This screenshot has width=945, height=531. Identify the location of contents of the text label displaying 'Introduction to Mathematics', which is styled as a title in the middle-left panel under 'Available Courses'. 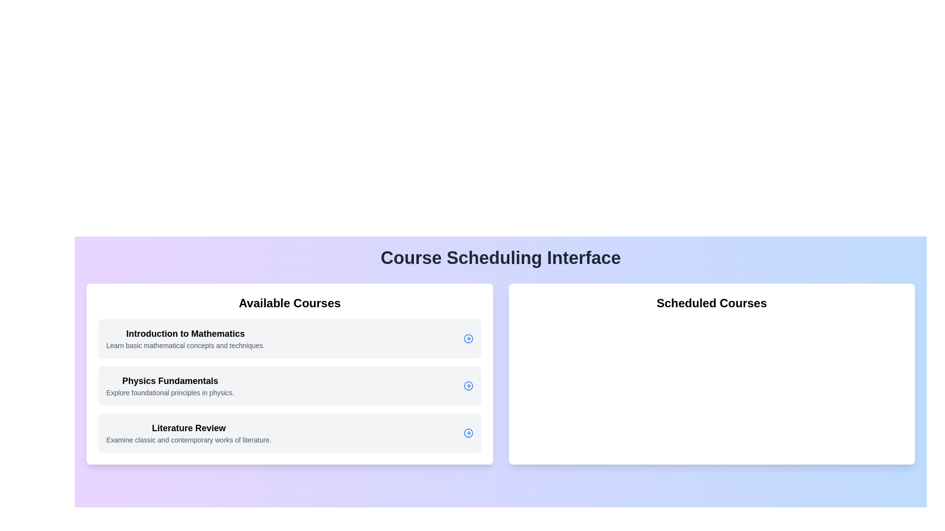
(186, 333).